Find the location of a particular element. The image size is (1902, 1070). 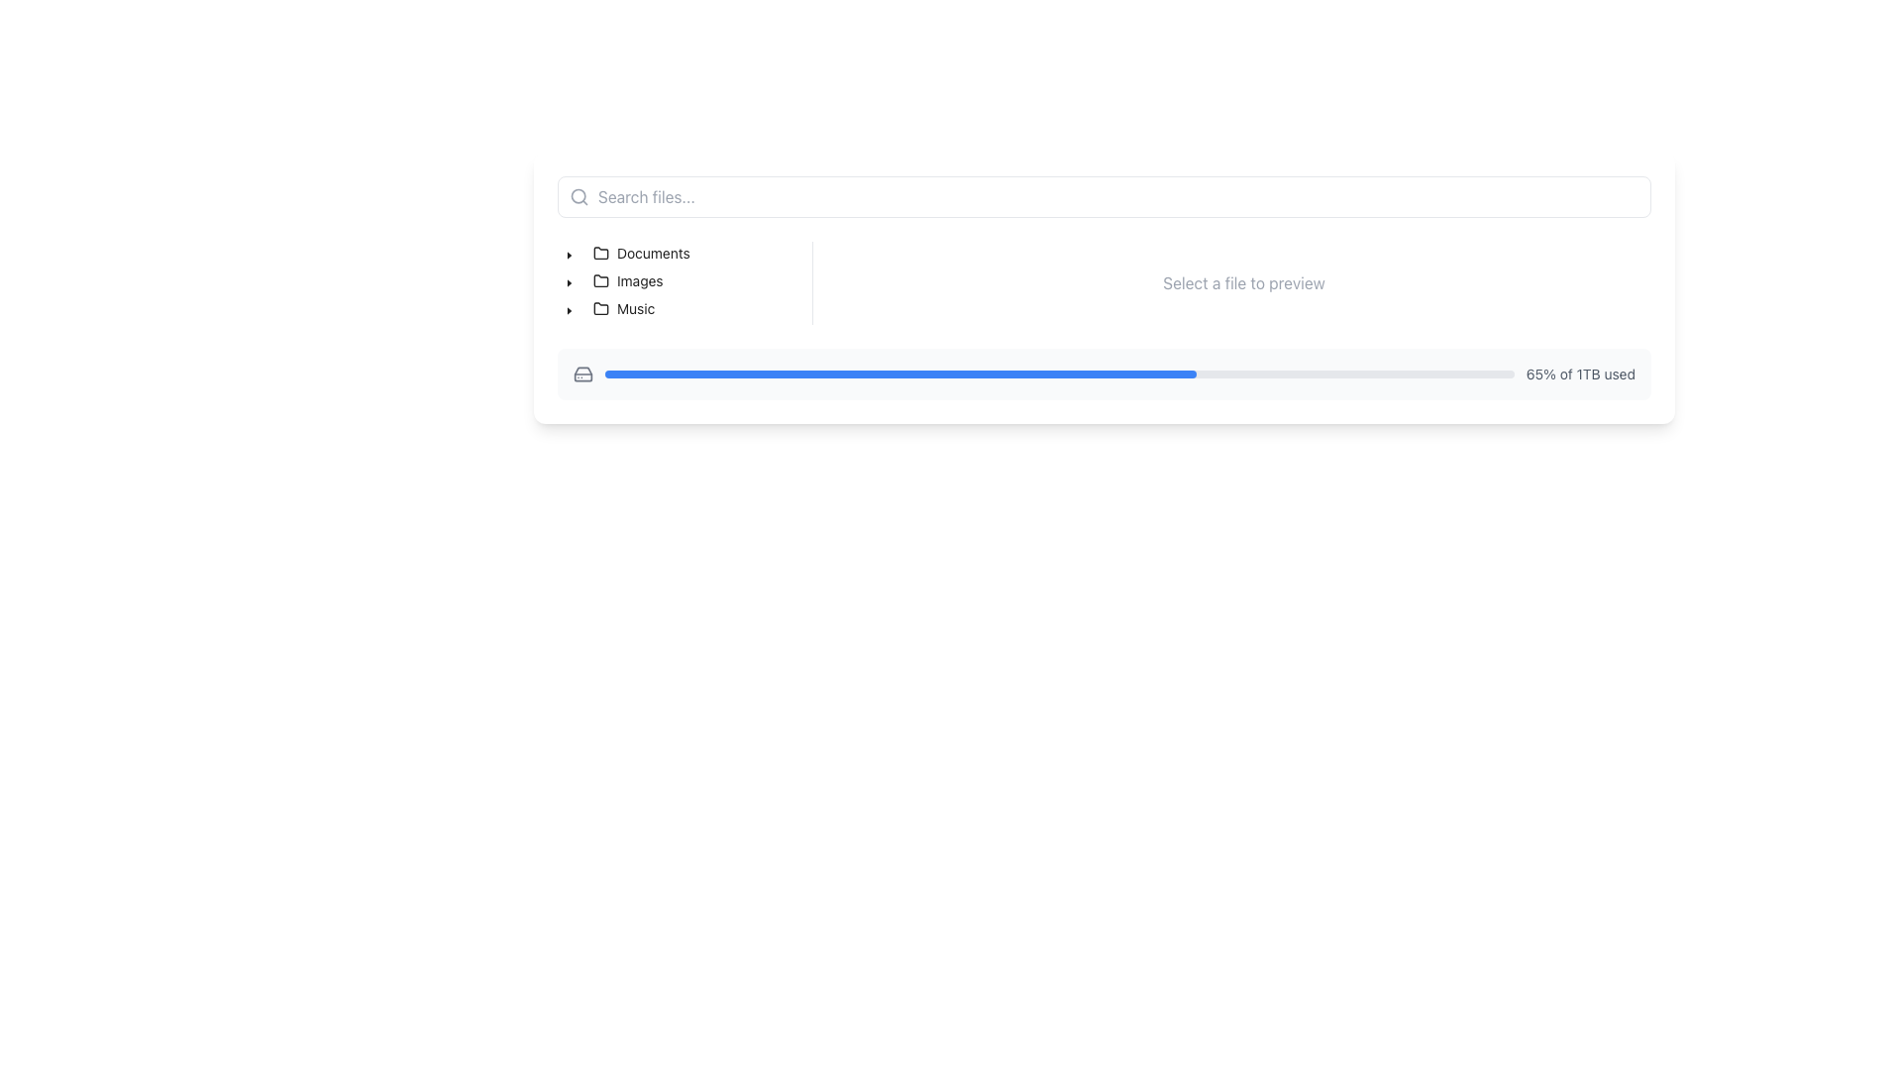

the small downward-pointing caret icon next to the label 'Images' in the tree structure is located at coordinates (569, 282).